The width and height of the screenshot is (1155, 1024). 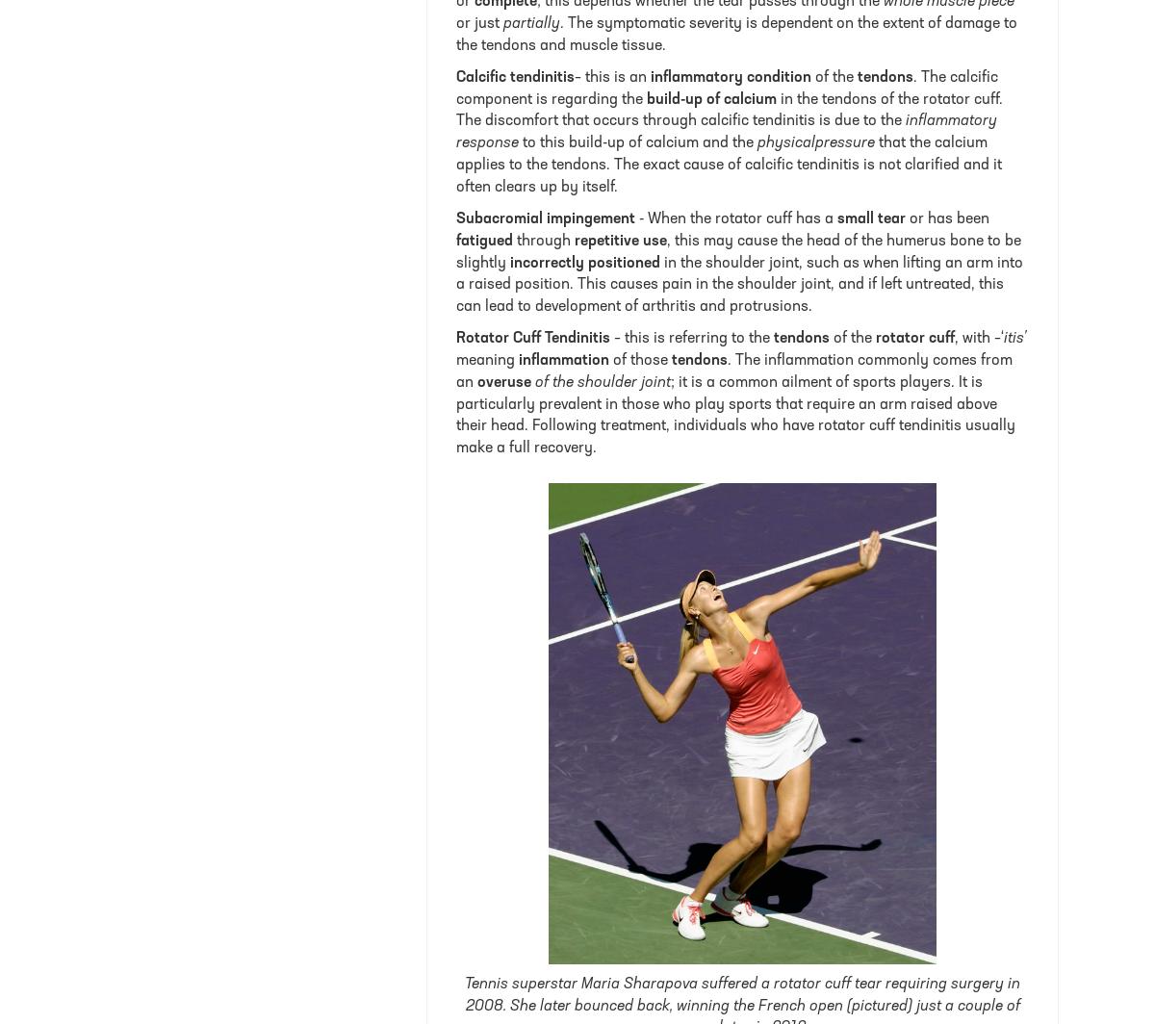 I want to click on 'in the tendons of the rotator cuff. The discomfort that occurs through calcific tendinitis is due to the', so click(x=729, y=110).